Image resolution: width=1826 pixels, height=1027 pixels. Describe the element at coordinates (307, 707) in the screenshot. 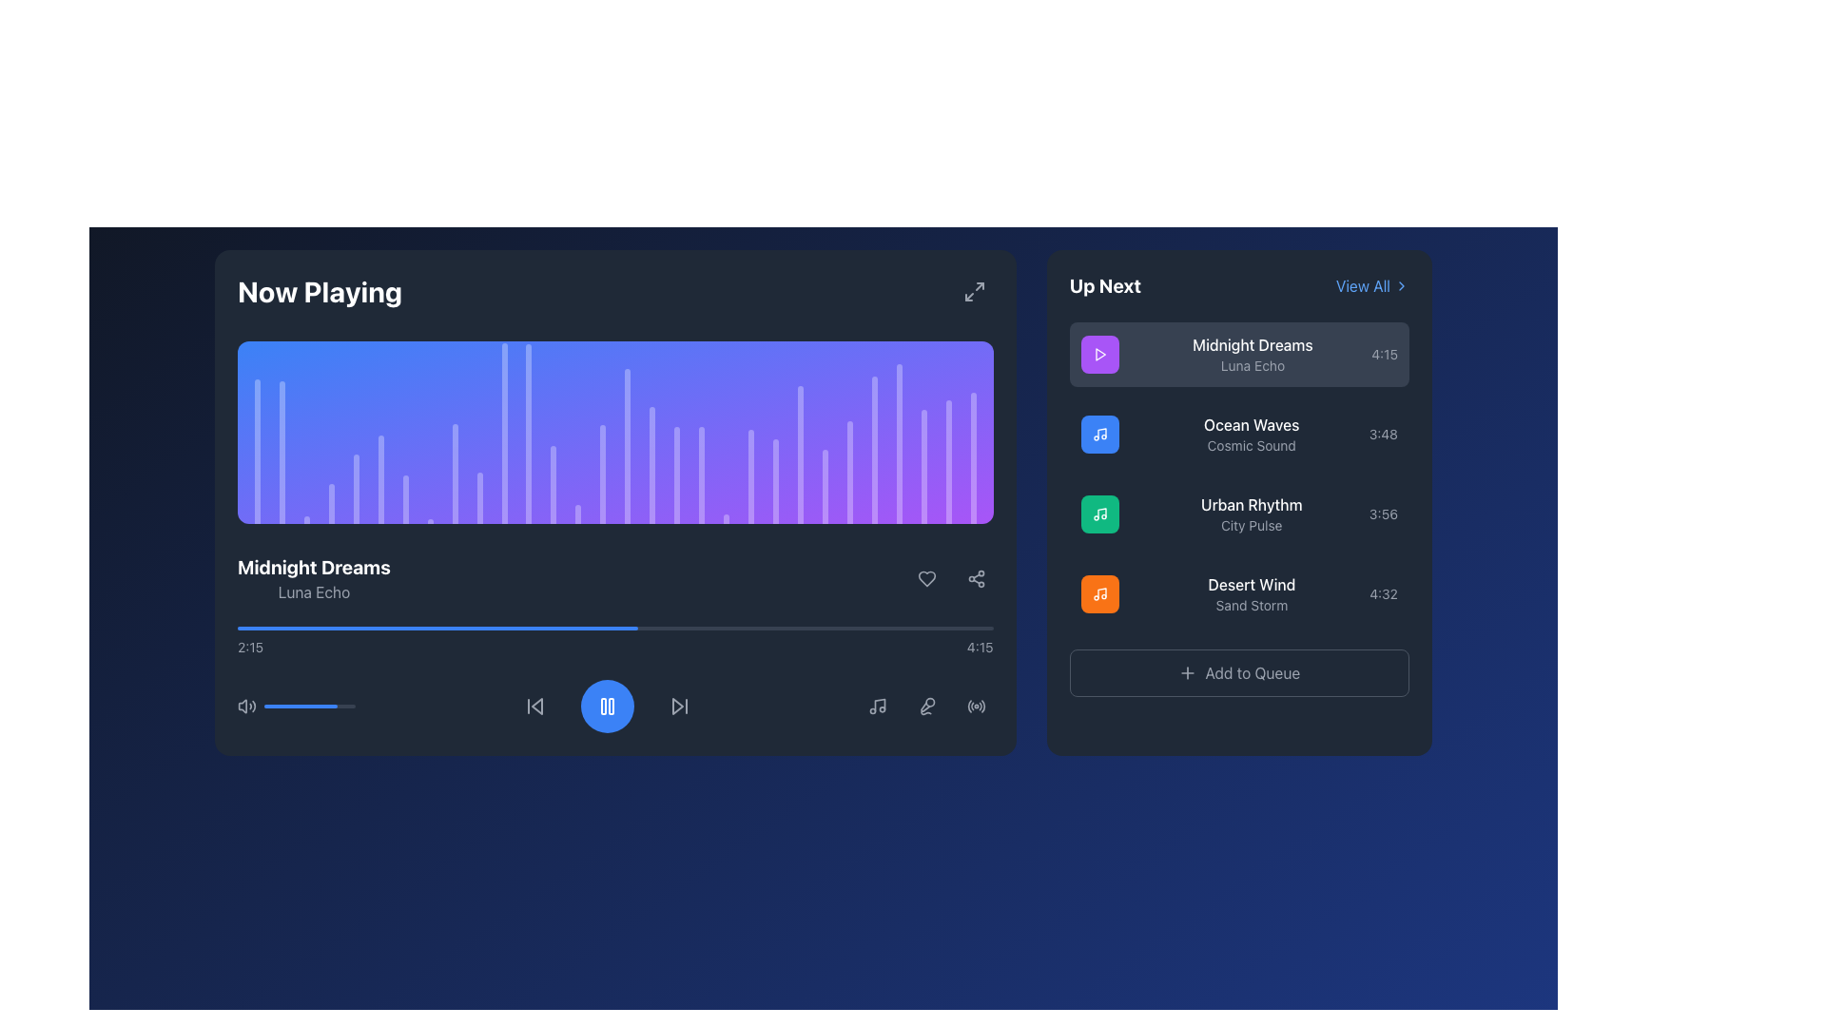

I see `the volume` at that location.